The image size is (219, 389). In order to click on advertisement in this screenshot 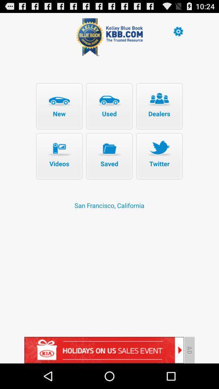, I will do `click(104, 350)`.